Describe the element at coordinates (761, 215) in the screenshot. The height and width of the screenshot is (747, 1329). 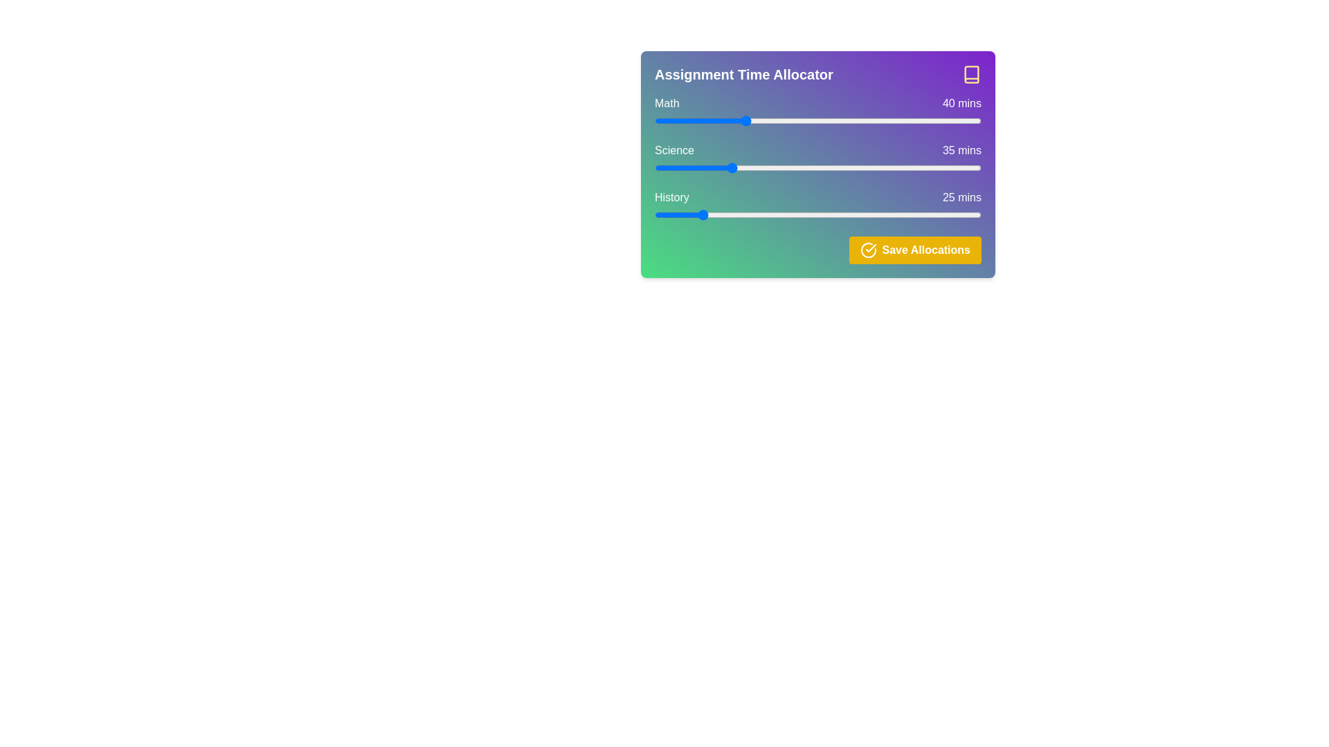
I see `history time allocation` at that location.